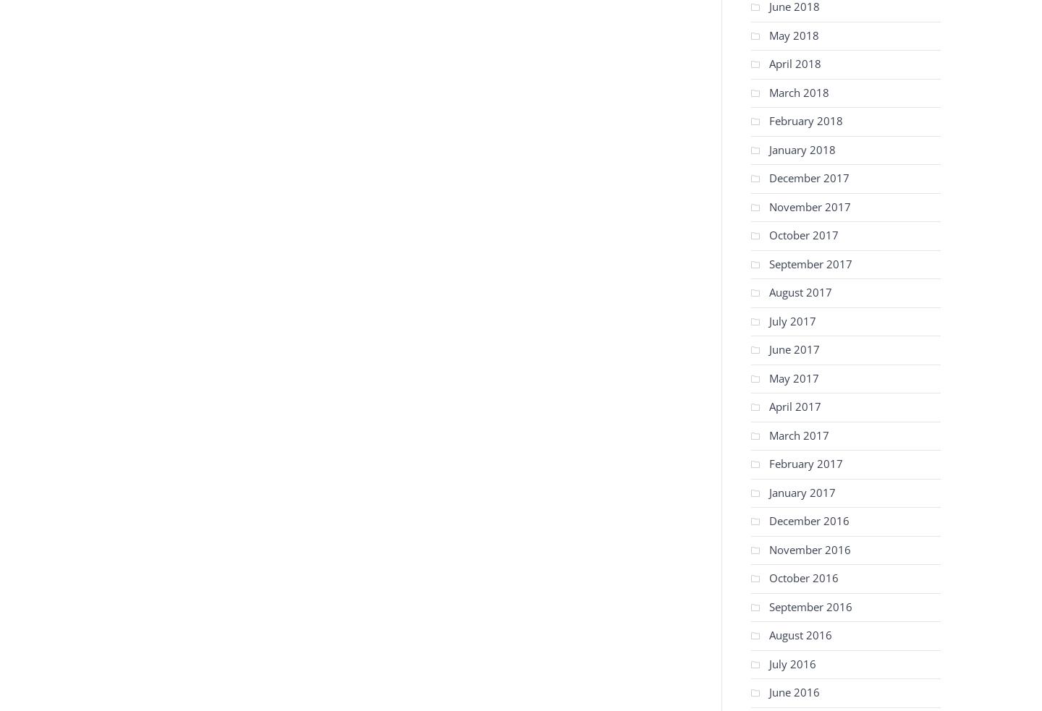 The image size is (1042, 711). I want to click on 'December 2017', so click(808, 178).